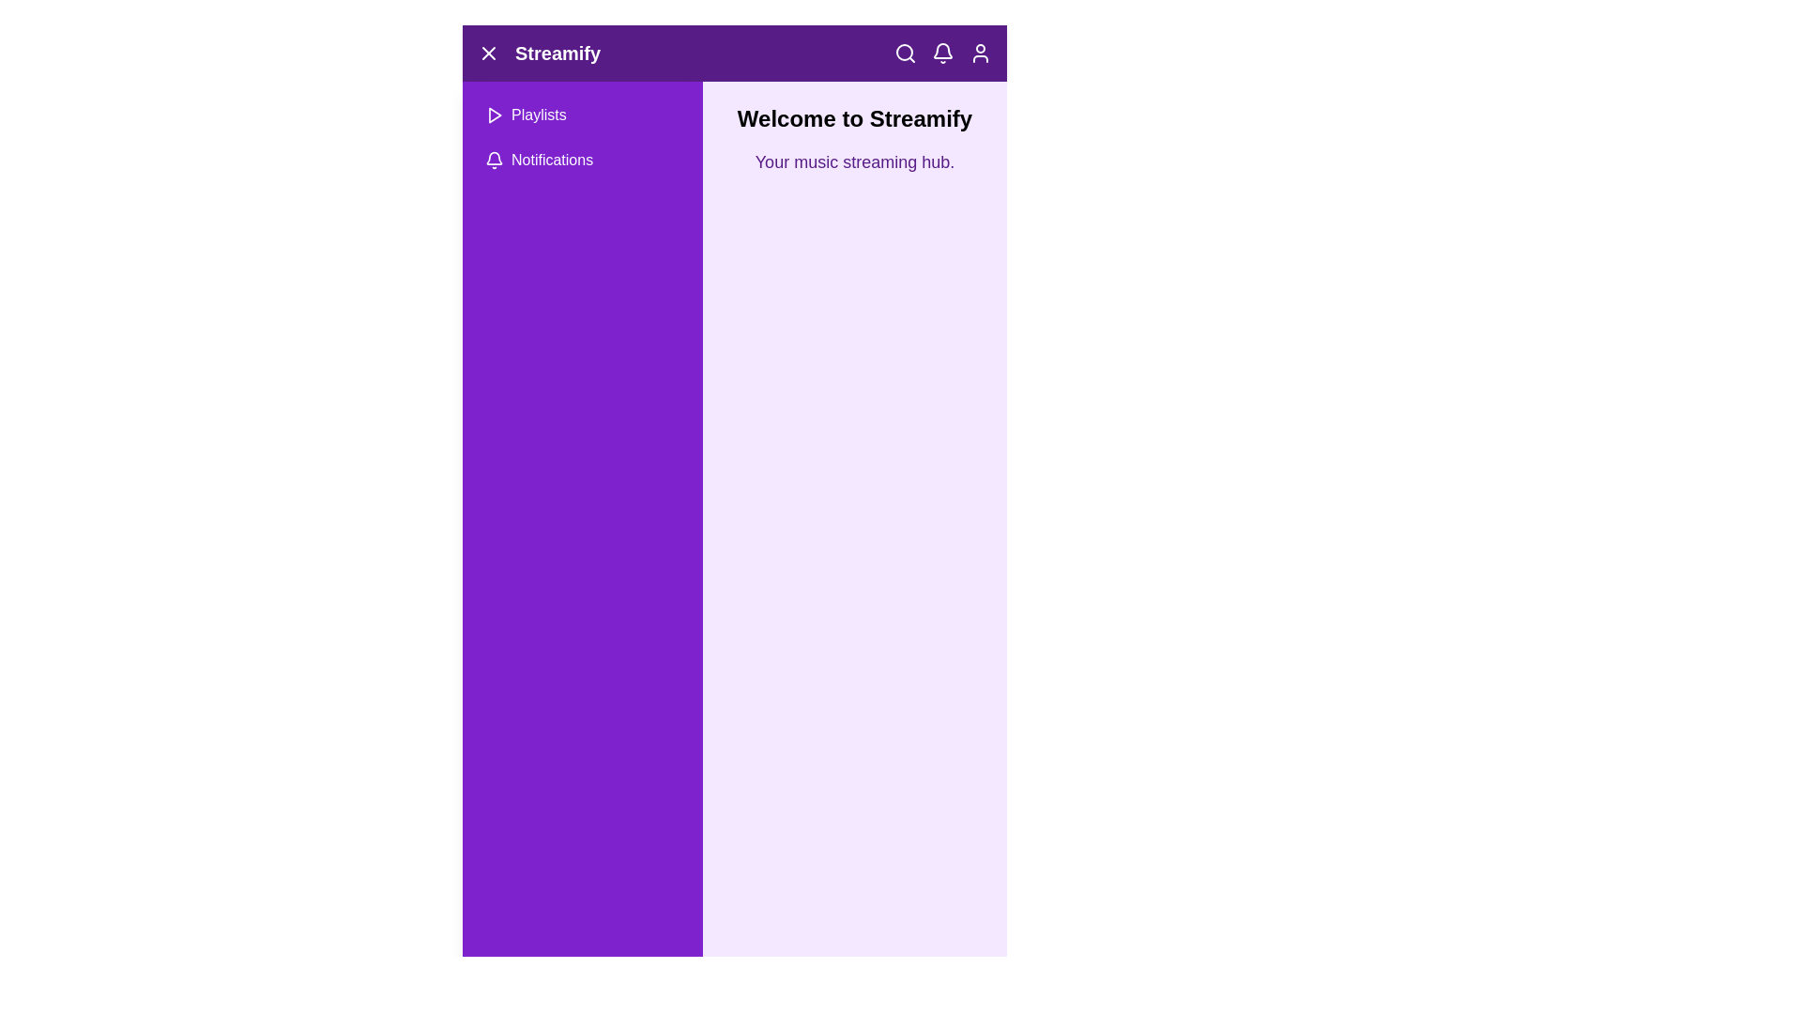 The height and width of the screenshot is (1014, 1802). Describe the element at coordinates (854, 161) in the screenshot. I see `static informational text located below the introductory title 'Welcome to Streamify' in the lavender section of the interface` at that location.